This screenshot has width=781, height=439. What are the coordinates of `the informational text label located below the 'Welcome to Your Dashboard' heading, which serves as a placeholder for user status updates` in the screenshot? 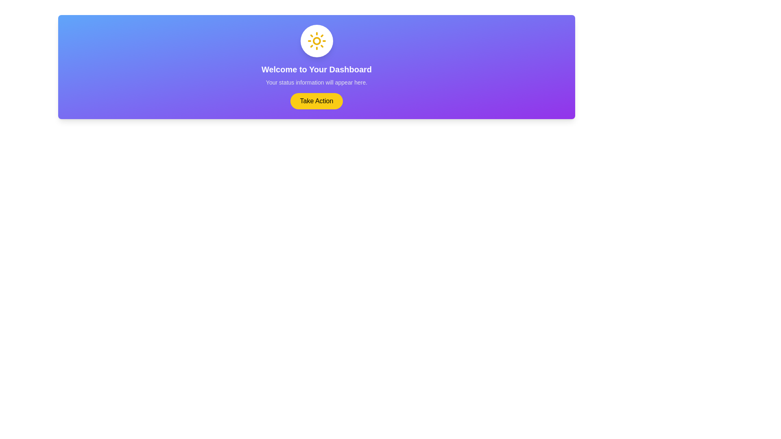 It's located at (316, 83).